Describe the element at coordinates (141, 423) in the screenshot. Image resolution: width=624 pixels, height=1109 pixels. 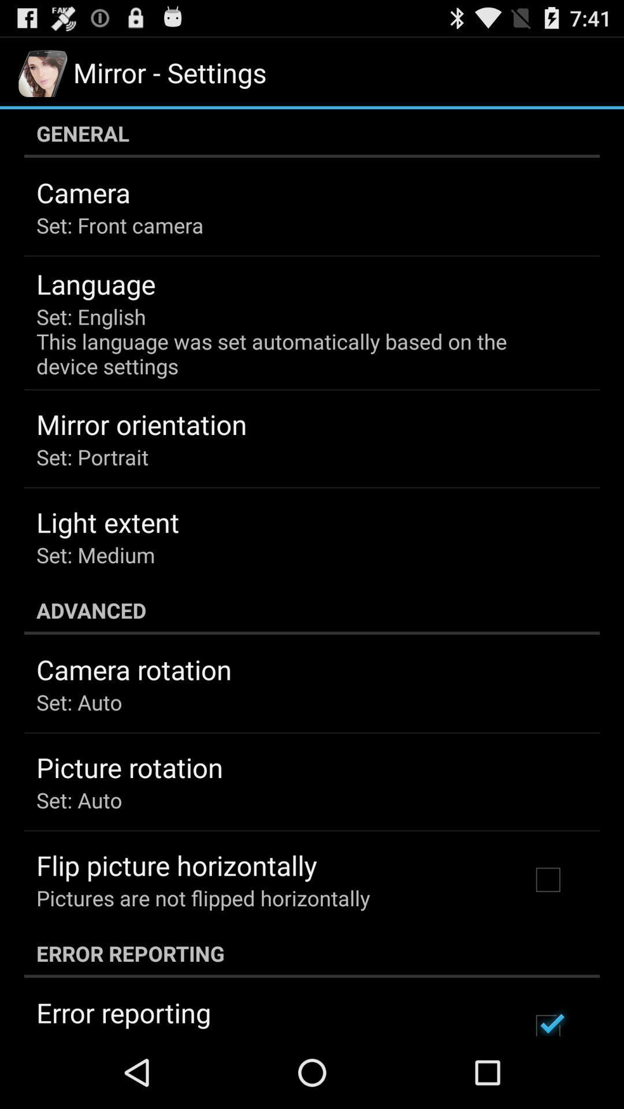
I see `icon below set english this item` at that location.